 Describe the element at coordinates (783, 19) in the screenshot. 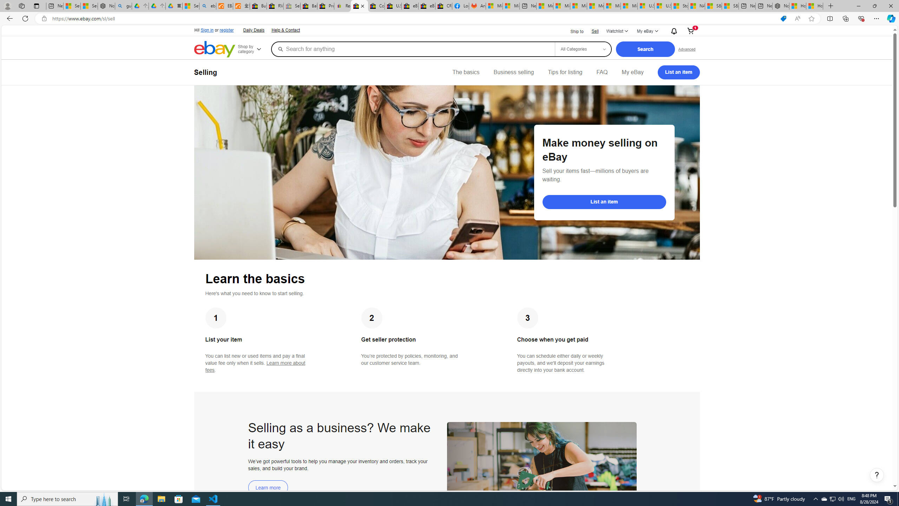

I see `'This site has coupons! Shopping in Microsoft Edge'` at that location.